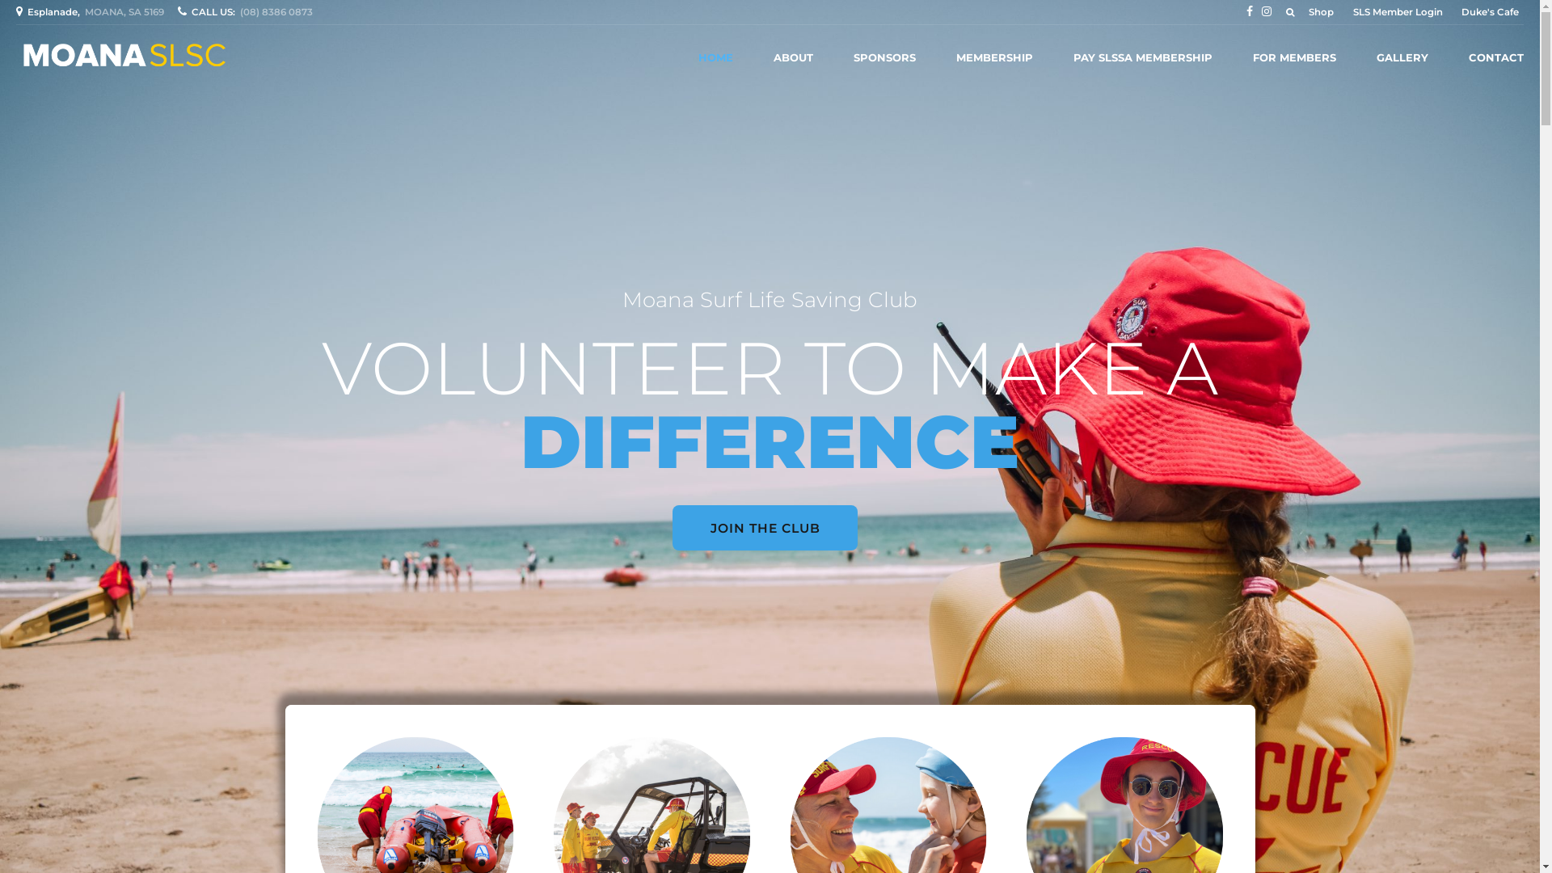 This screenshot has height=873, width=1552. I want to click on 'MEMBERSHIP', so click(993, 56).